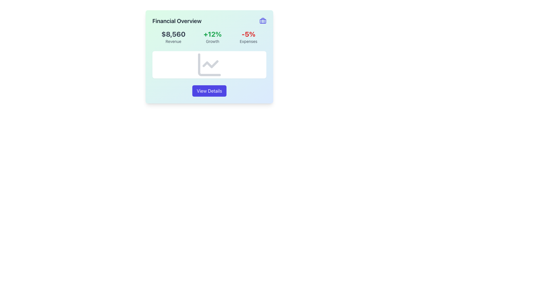 The image size is (547, 307). Describe the element at coordinates (212, 34) in the screenshot. I see `the green text element displaying '+12%' in a bold, large font style, located under the 'Financial Overview' title, positioned between 'Revenue' and 'Expenses'` at that location.